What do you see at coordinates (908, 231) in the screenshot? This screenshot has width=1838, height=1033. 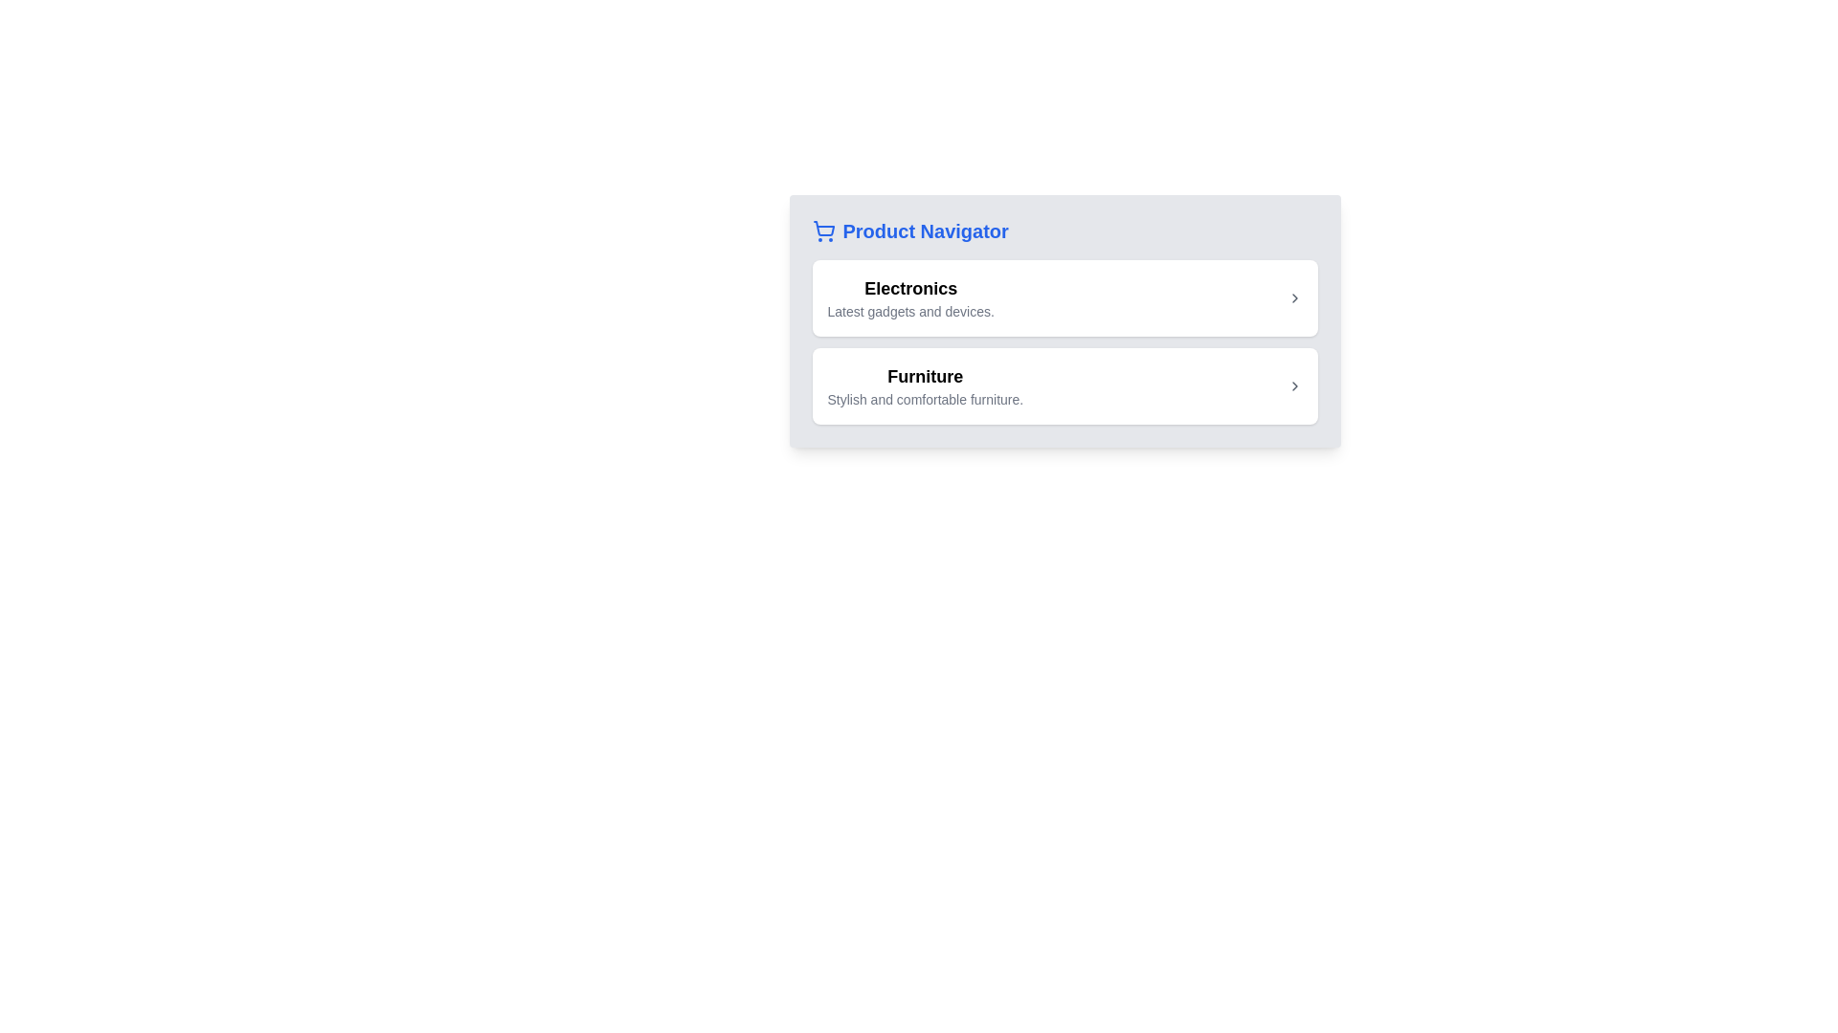 I see `the 'Product Navigator' text with a shopping cart icon` at bounding box center [908, 231].